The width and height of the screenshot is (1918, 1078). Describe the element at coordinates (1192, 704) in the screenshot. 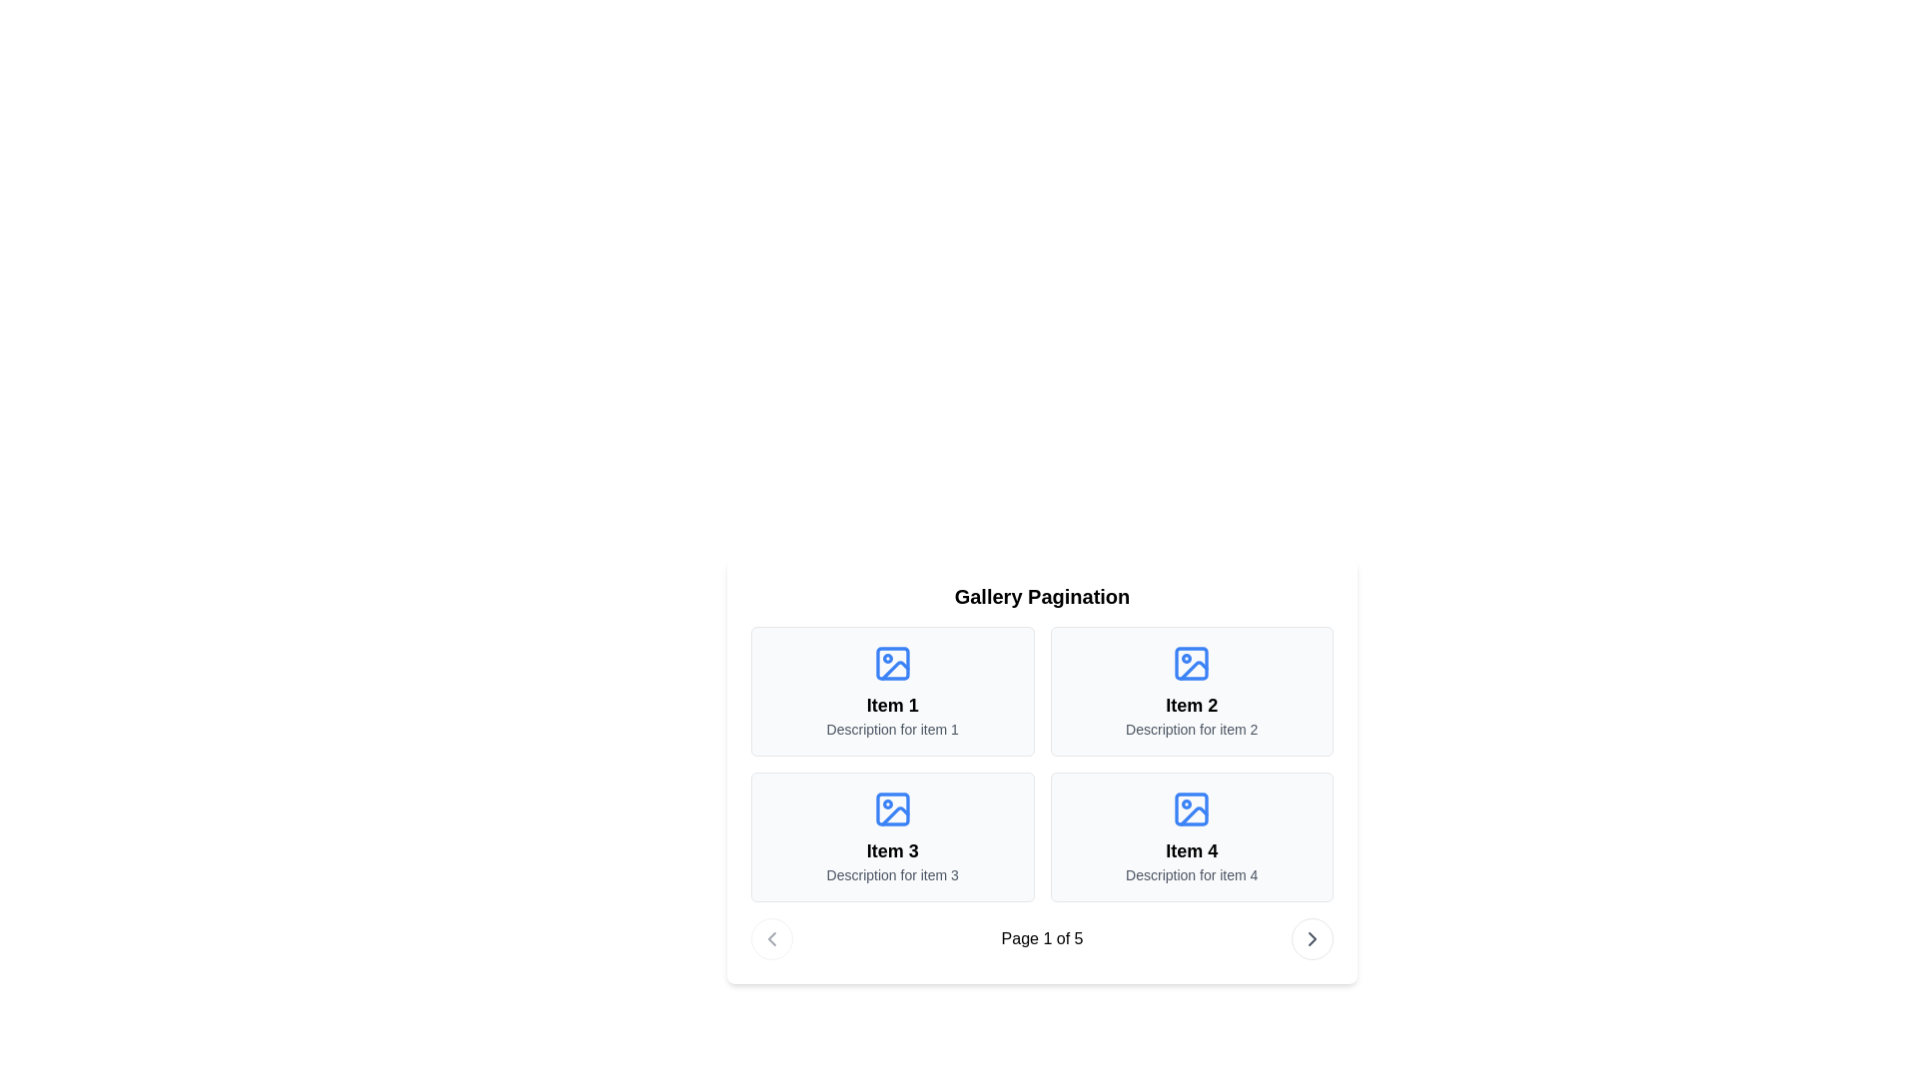

I see `the Text label that serves as a title or heading for the content block, positioned in the second position within a grid in the top row, directly above the 'Description for item 2' text and below an SVG icon component` at that location.